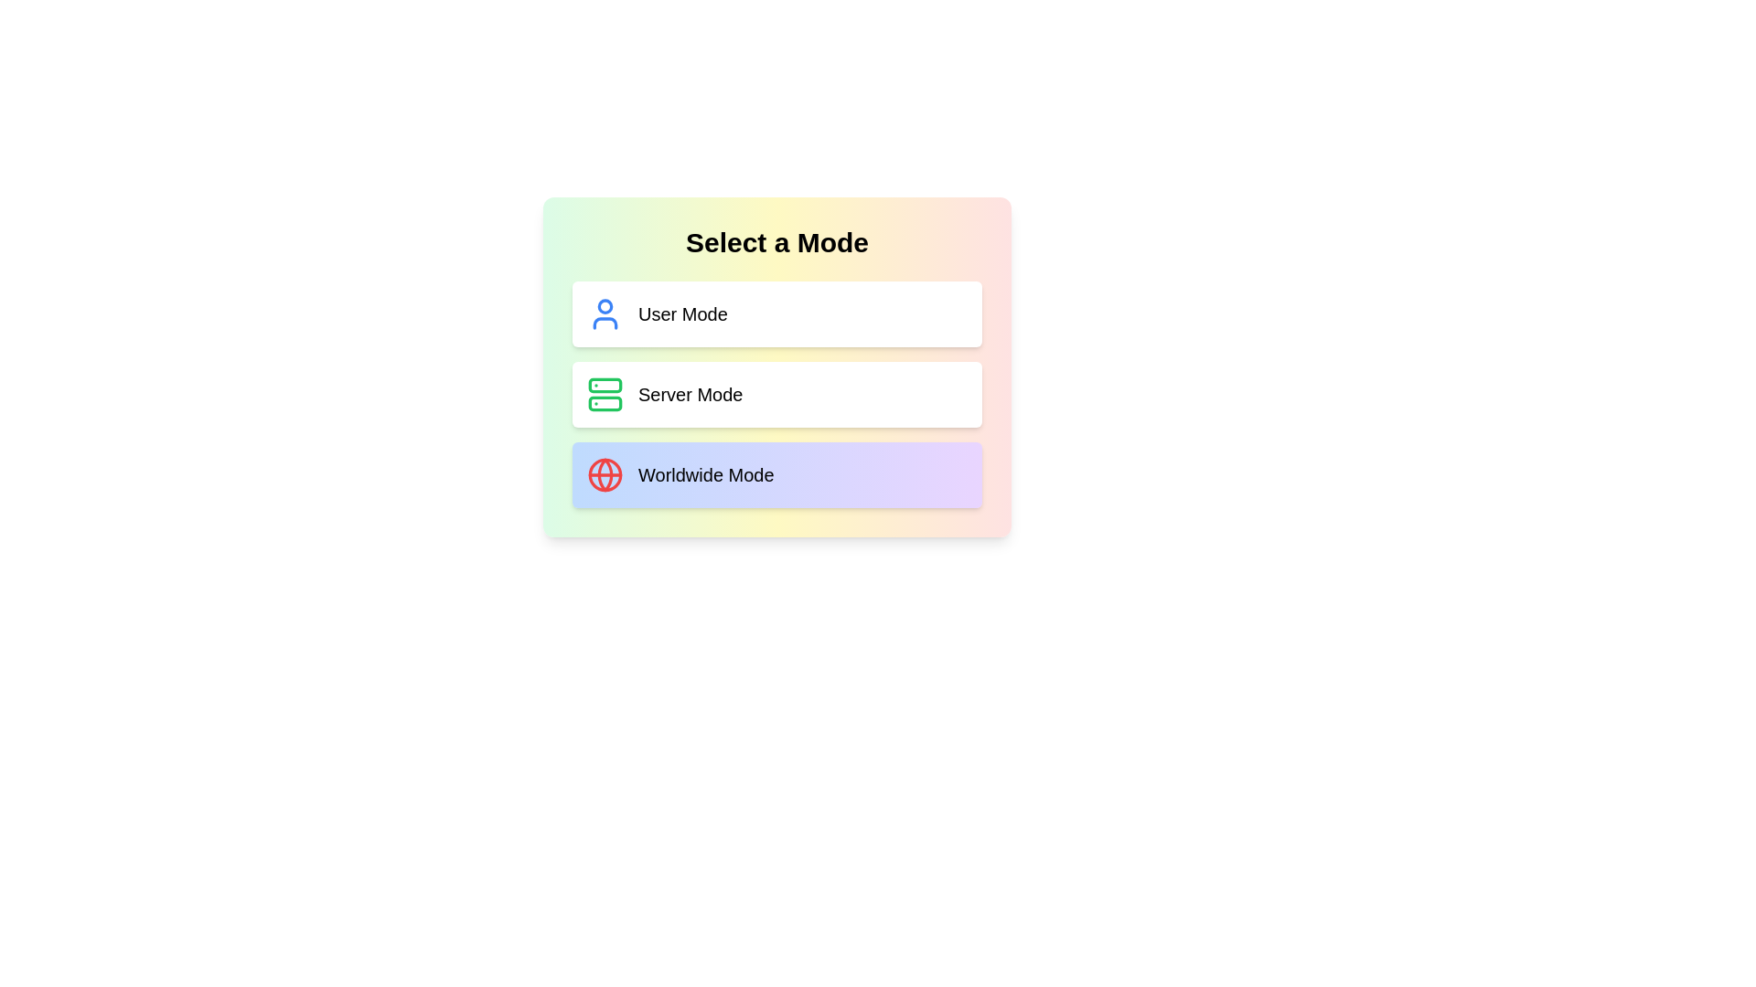 This screenshot has height=987, width=1756. What do you see at coordinates (605, 313) in the screenshot?
I see `the icon representing the 'User Mode' option, which is located adjacent to the text label 'User Mode' within the first entry of the vertical list titled 'Select a Mode'` at bounding box center [605, 313].